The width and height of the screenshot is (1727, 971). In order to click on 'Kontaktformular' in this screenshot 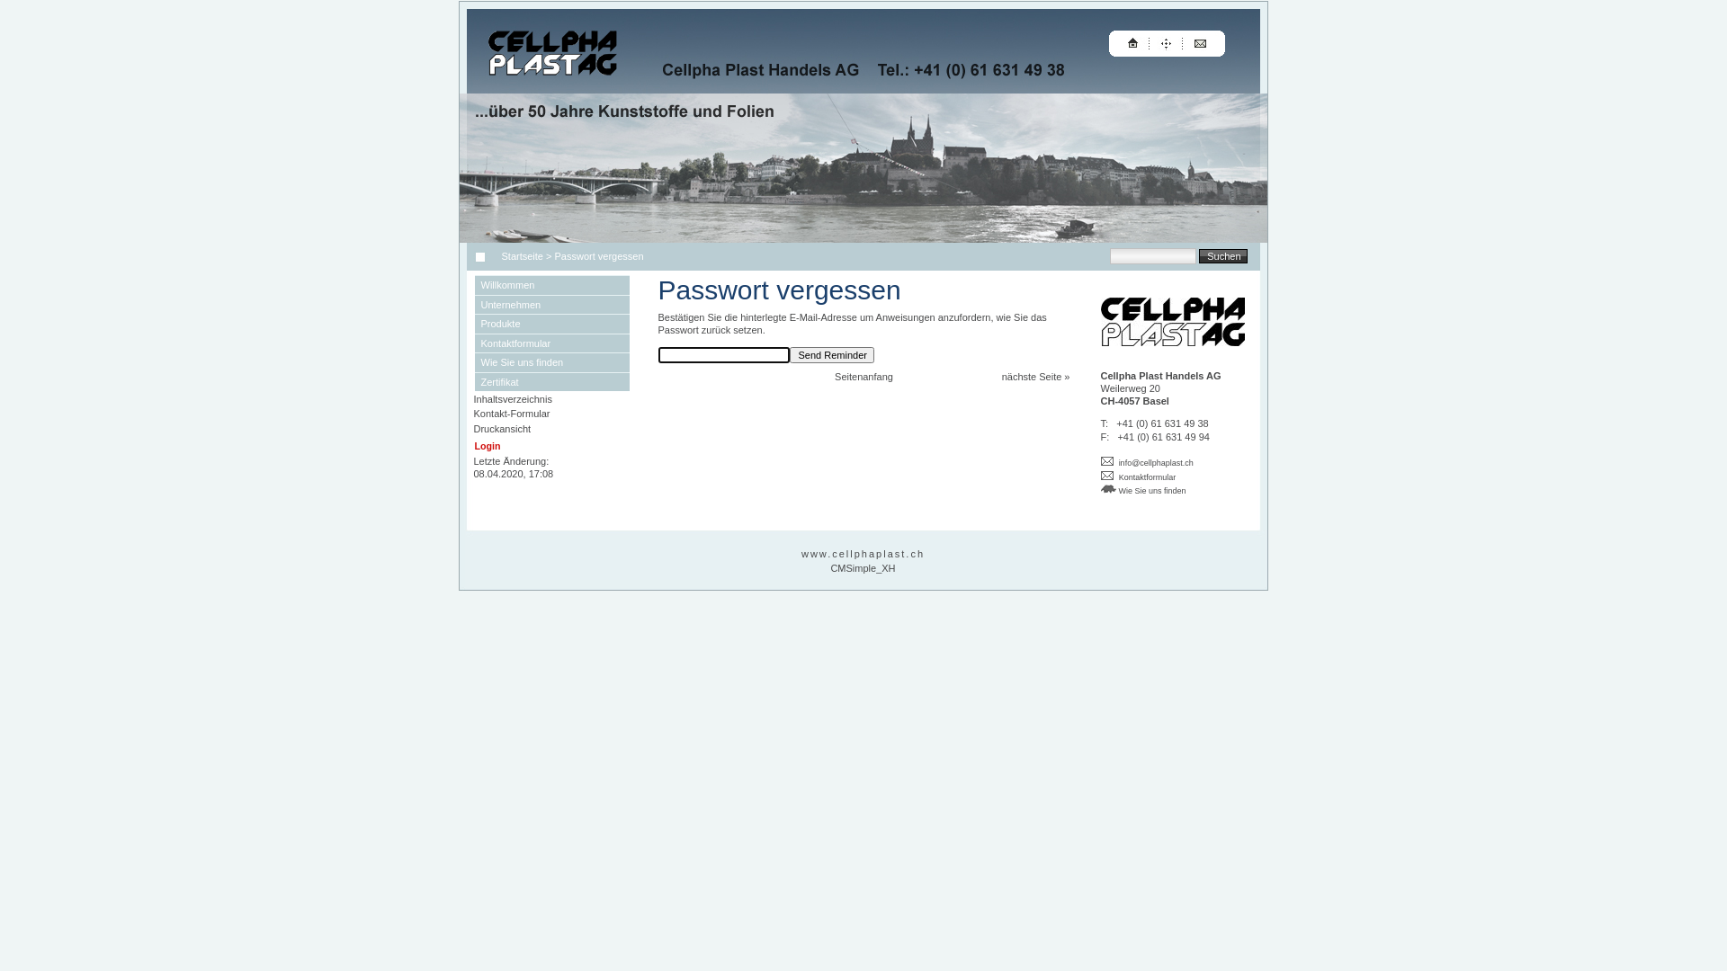, I will do `click(1147, 477)`.